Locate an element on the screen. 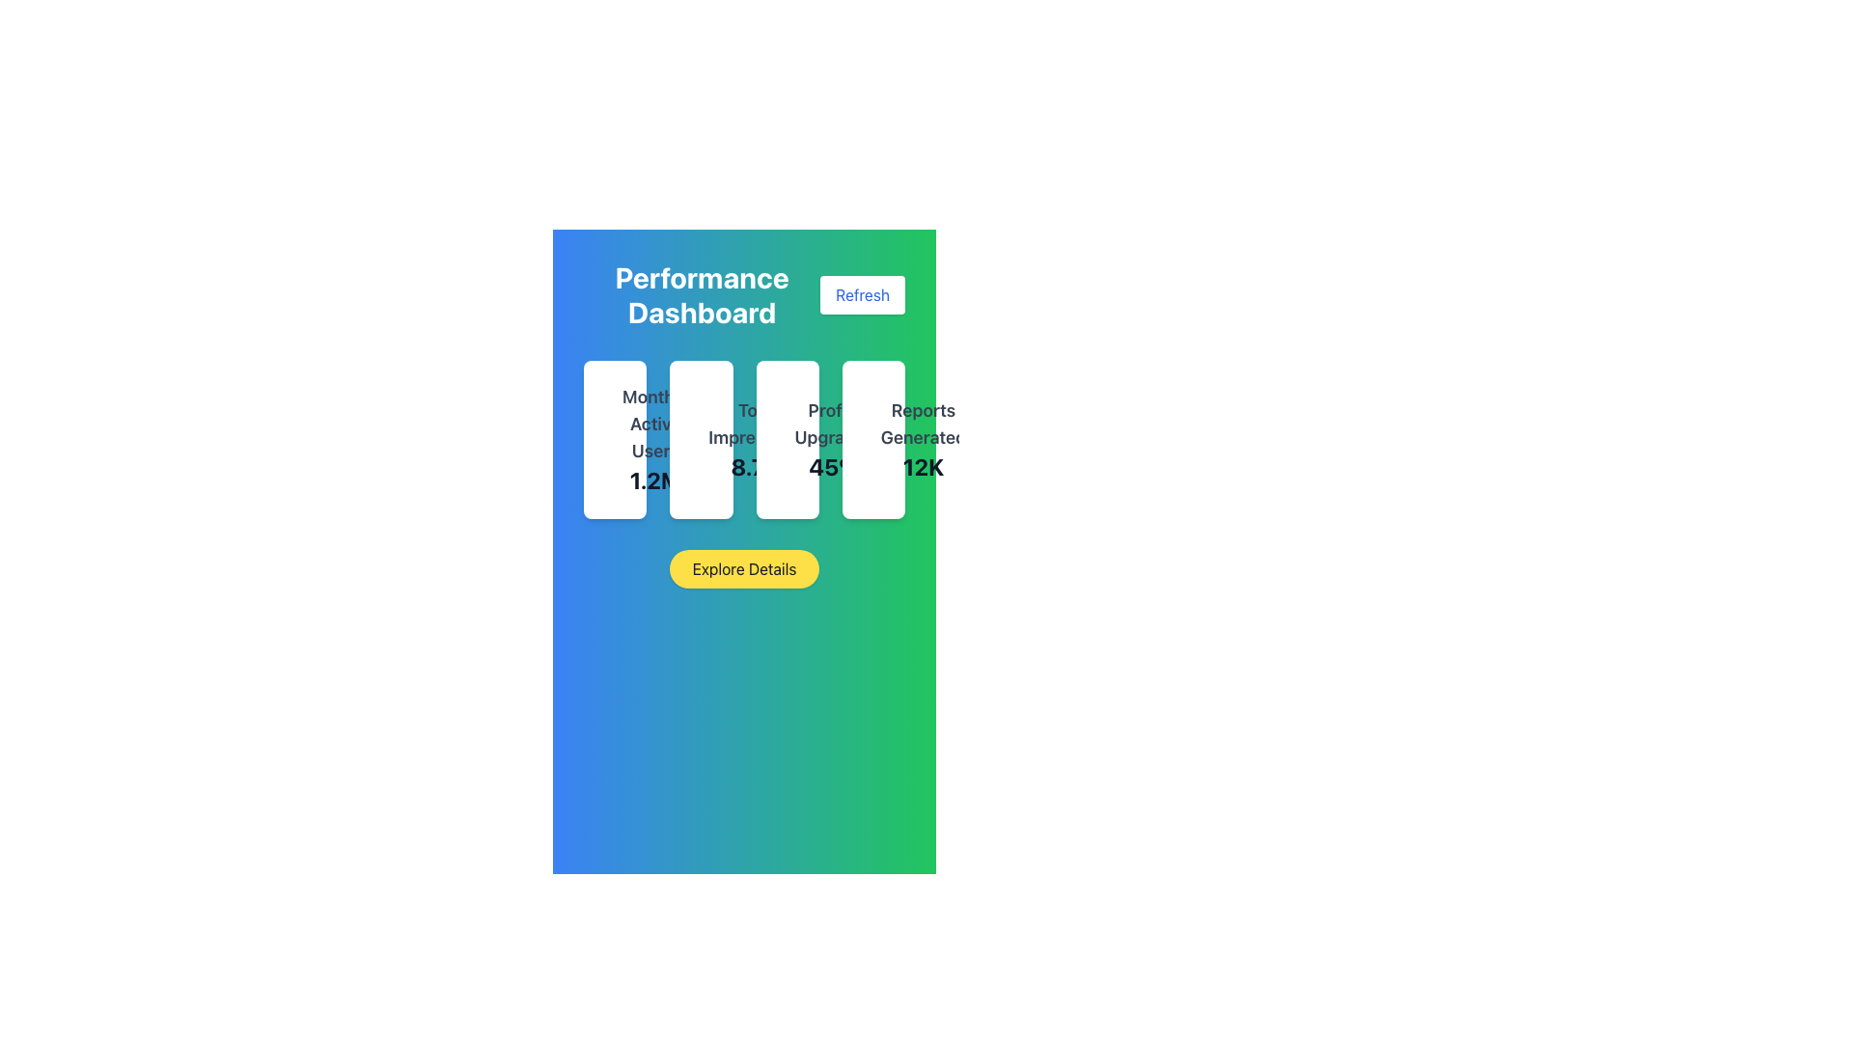 Image resolution: width=1853 pixels, height=1042 pixels. metric information displayed in the text label of the first card component, which shows 'Monthly Active Users 1.2M' is located at coordinates (655, 439).